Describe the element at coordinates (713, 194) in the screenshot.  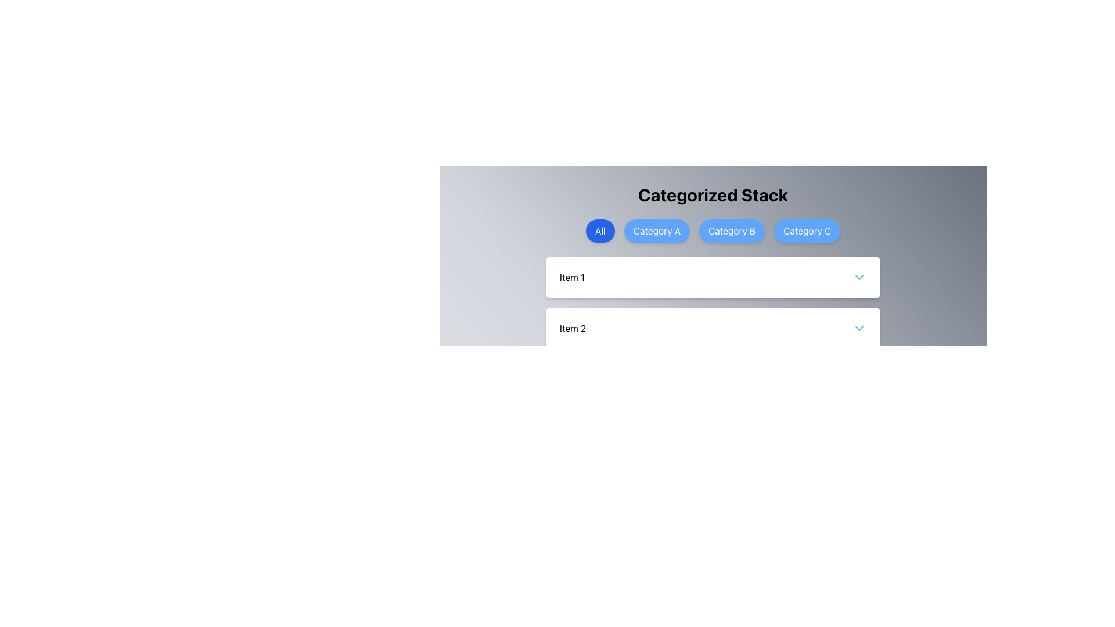
I see `the text heading labeled 'Categorized Stack', which is styled with a bold and large font and is centered above the category selection buttons` at that location.